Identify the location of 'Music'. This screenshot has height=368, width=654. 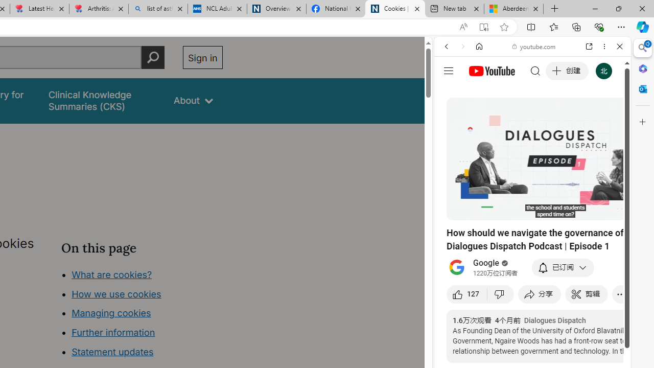
(532, 278).